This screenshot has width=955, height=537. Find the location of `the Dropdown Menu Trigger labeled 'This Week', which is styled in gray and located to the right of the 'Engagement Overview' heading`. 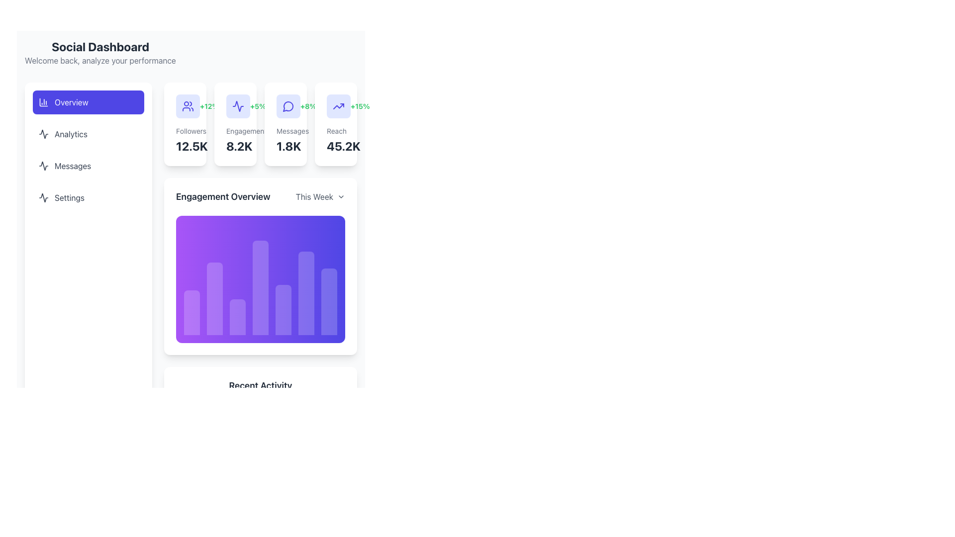

the Dropdown Menu Trigger labeled 'This Week', which is styled in gray and located to the right of the 'Engagement Overview' heading is located at coordinates (320, 197).